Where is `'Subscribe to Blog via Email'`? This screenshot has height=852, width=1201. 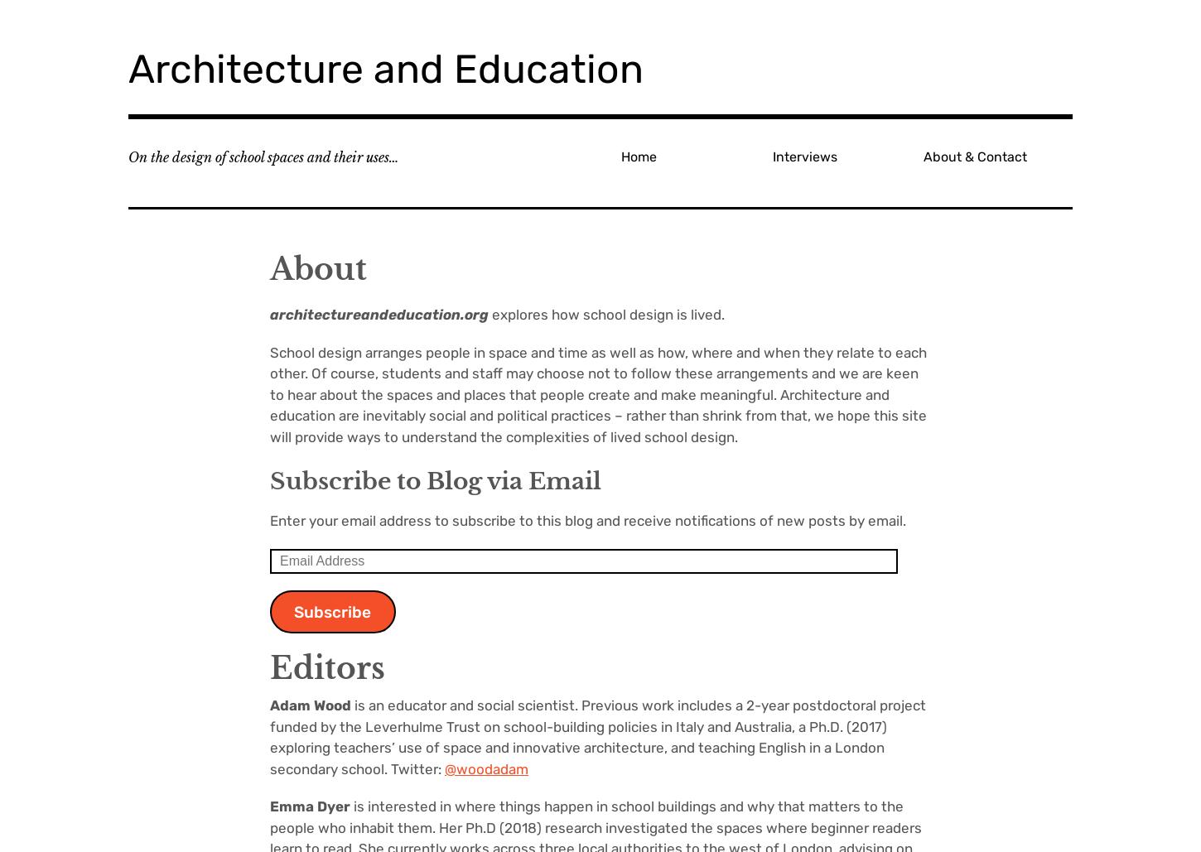
'Subscribe to Blog via Email' is located at coordinates (436, 480).